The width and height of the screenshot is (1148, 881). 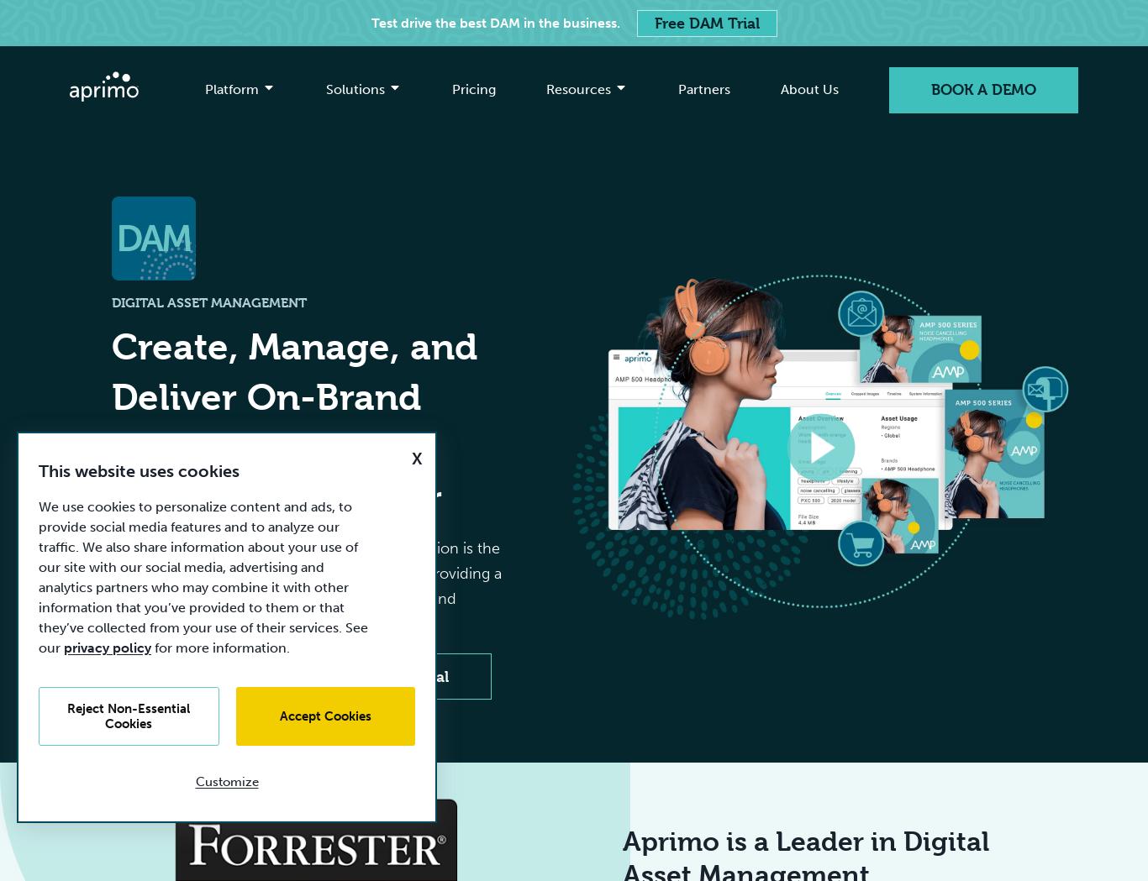 What do you see at coordinates (868, 322) in the screenshot?
I see `'Compliance & Risk'` at bounding box center [868, 322].